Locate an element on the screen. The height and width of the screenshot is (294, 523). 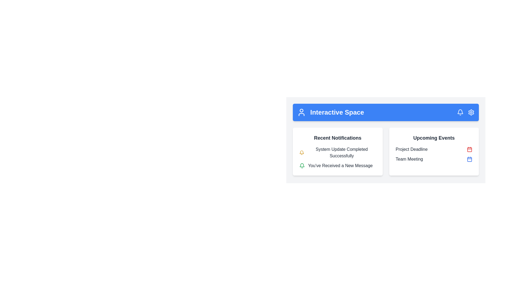
the user or account-related feature icon located within the blue rectangular header titled 'Interactive Space' is located at coordinates (301, 112).